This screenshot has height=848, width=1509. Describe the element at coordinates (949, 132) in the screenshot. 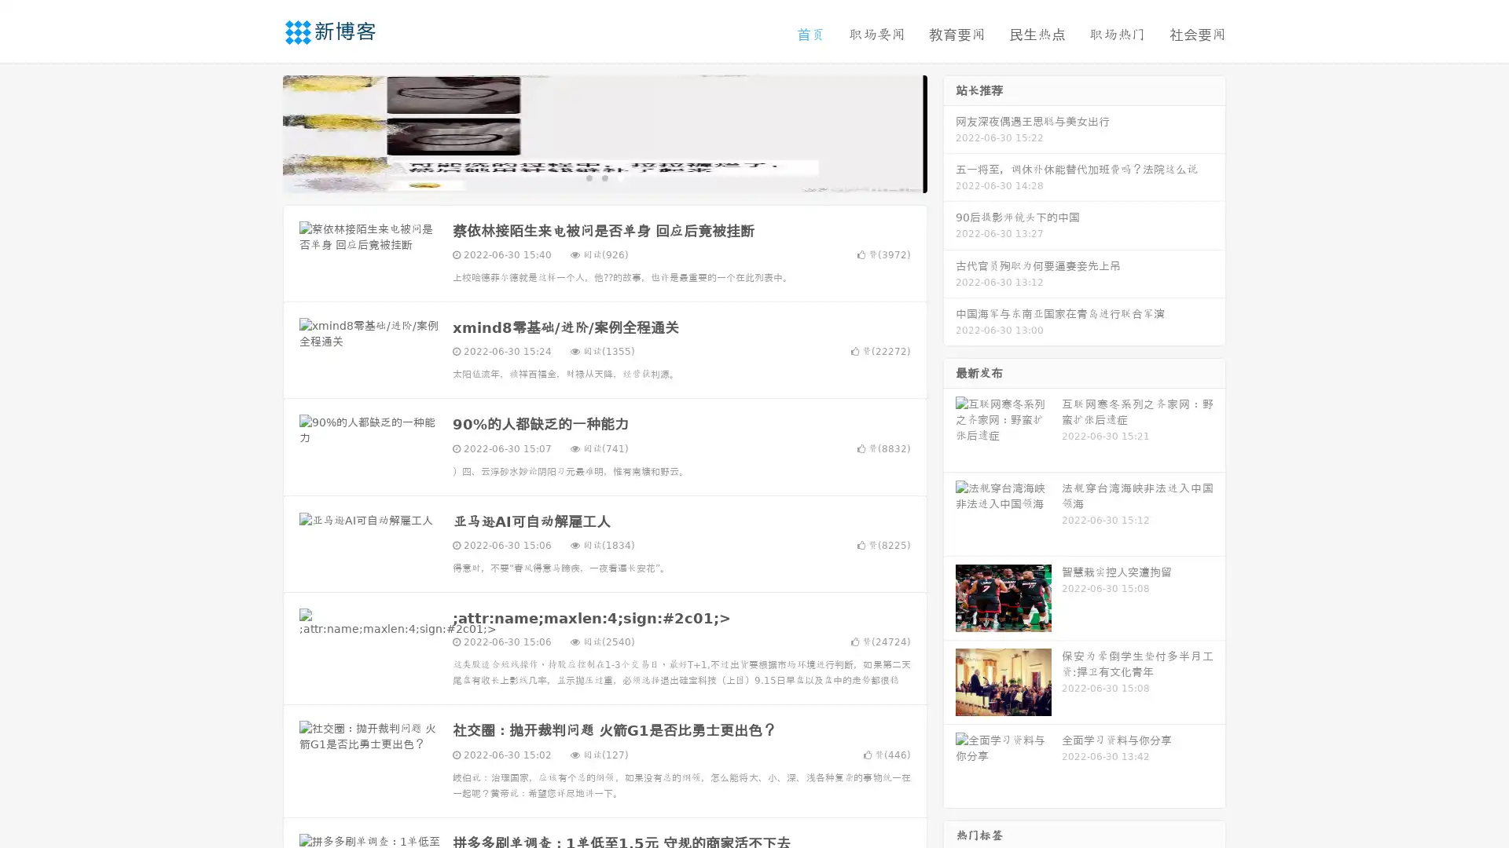

I see `Next slide` at that location.